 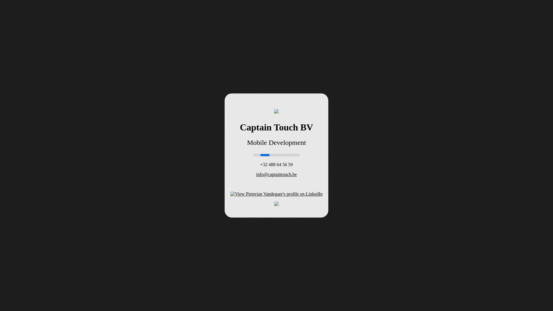 What do you see at coordinates (255, 174) in the screenshot?
I see `'info@captaintouch.be'` at bounding box center [255, 174].